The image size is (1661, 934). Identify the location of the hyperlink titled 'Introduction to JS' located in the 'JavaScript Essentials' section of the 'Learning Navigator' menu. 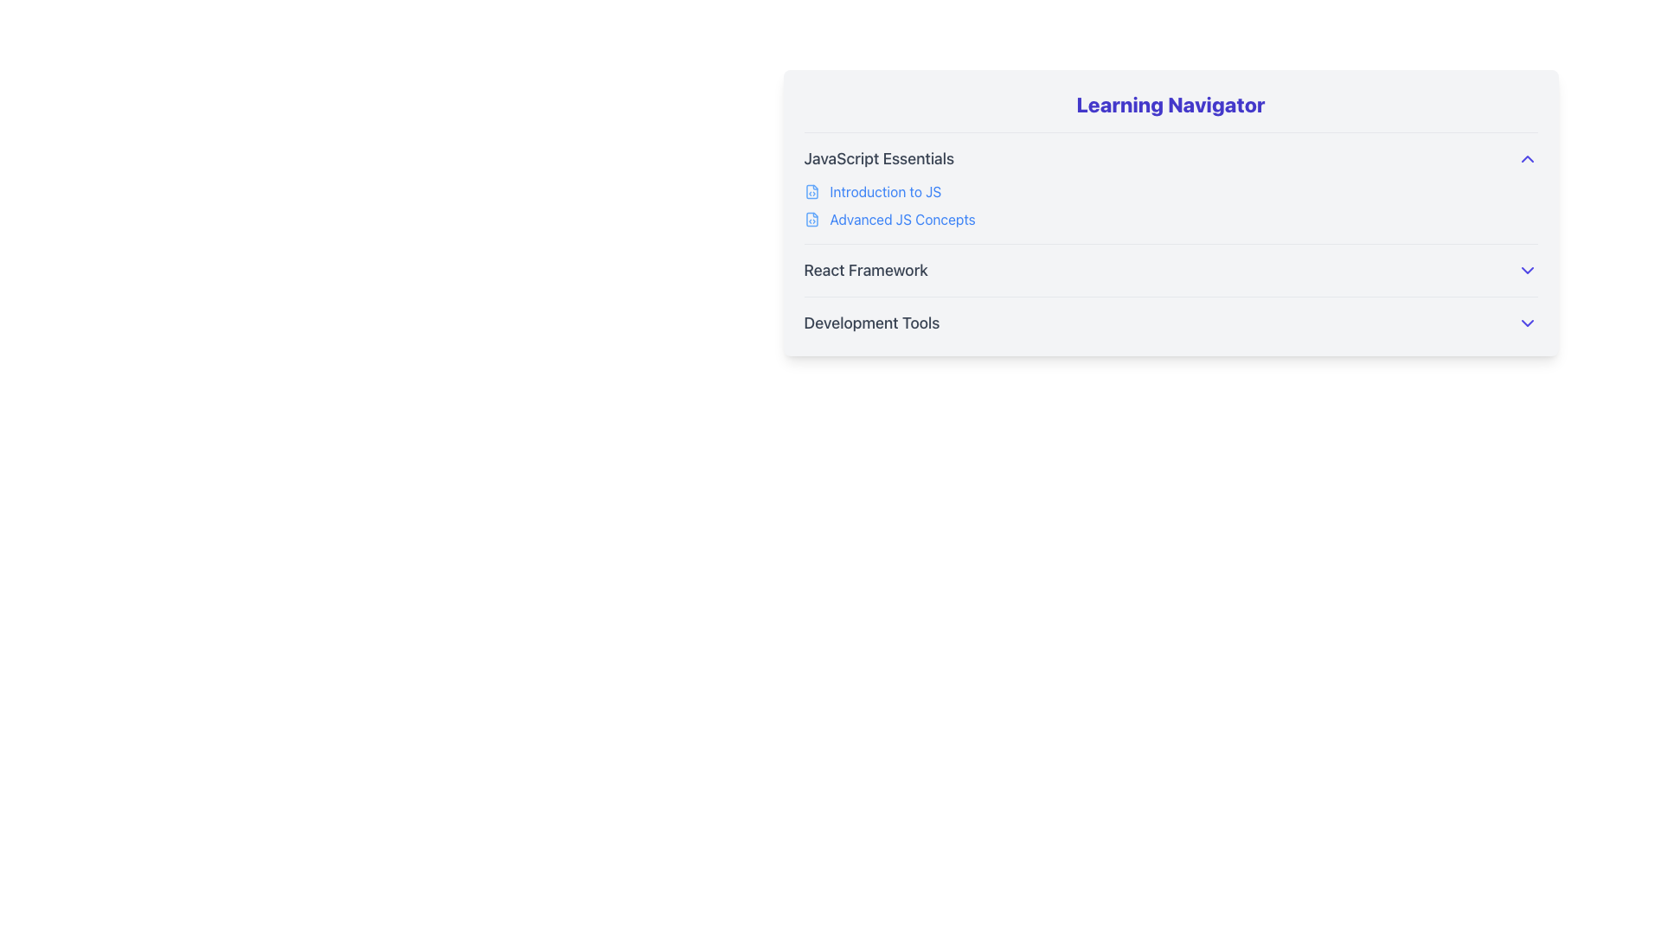
(885, 192).